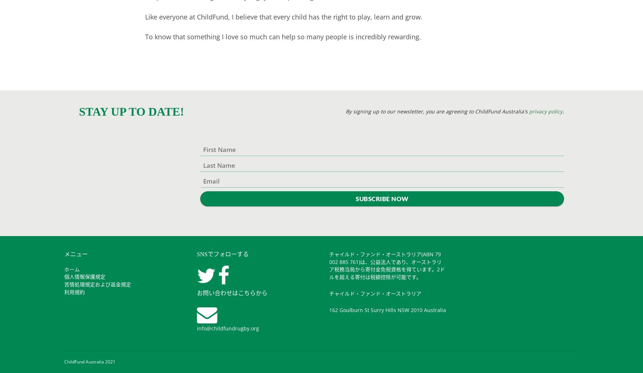  What do you see at coordinates (546, 111) in the screenshot?
I see `'privacy policy'` at bounding box center [546, 111].